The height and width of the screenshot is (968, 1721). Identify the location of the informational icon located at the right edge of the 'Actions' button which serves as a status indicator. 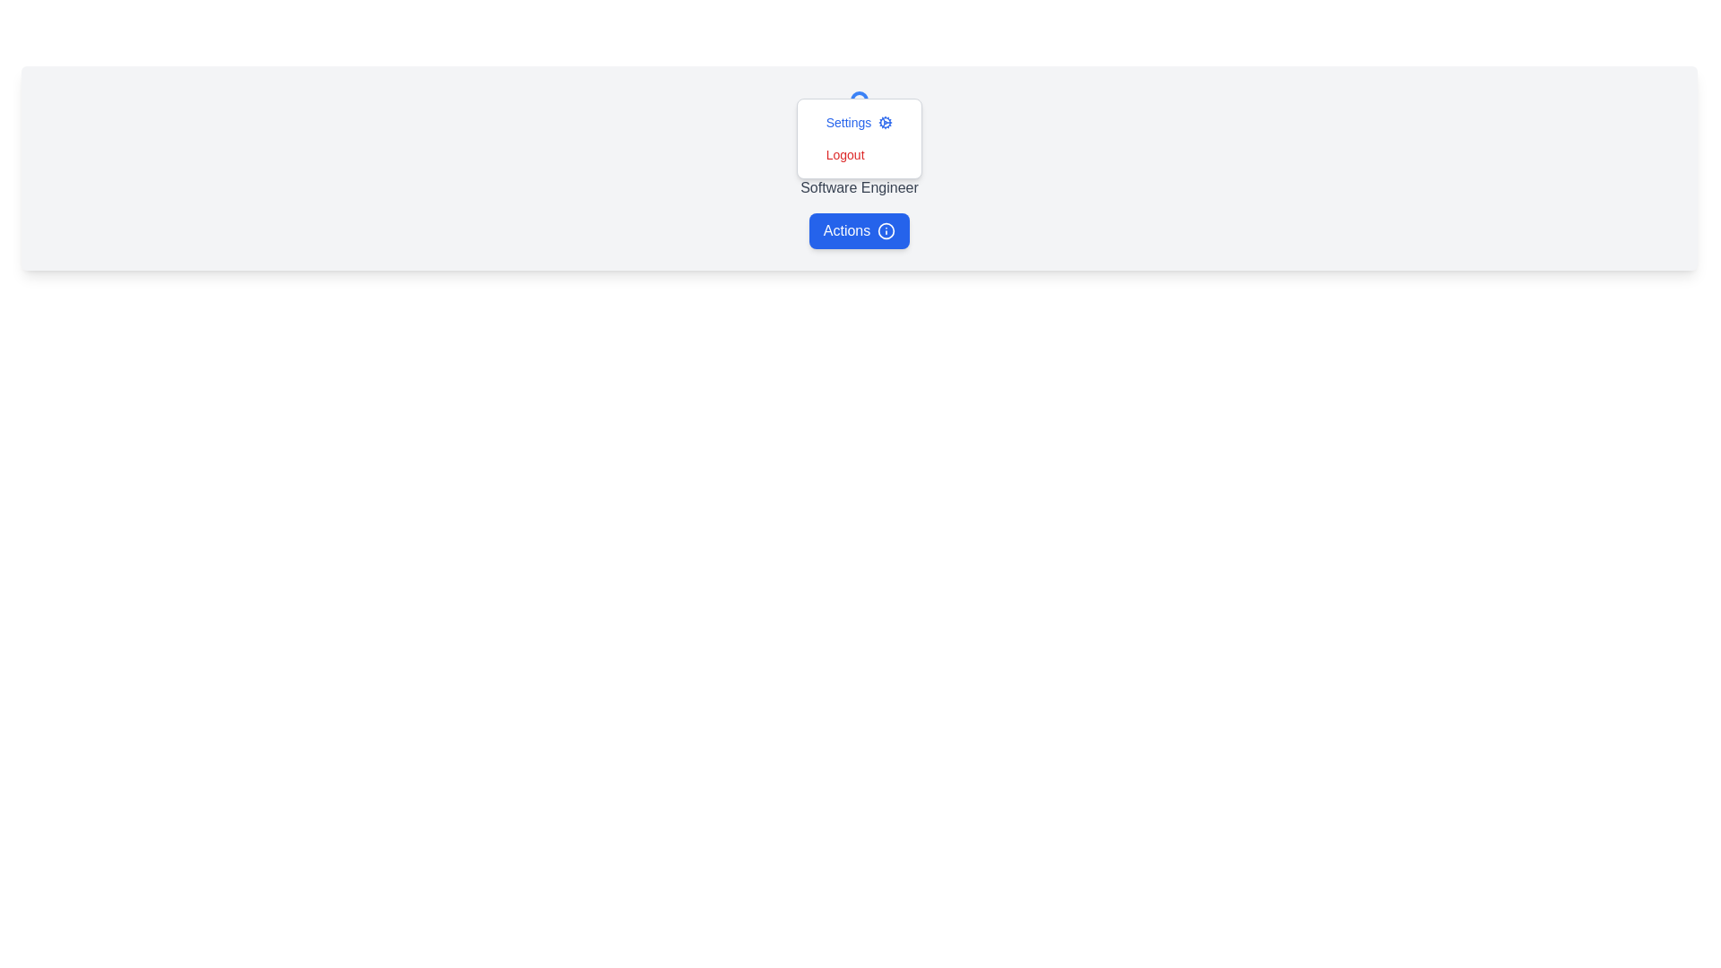
(886, 230).